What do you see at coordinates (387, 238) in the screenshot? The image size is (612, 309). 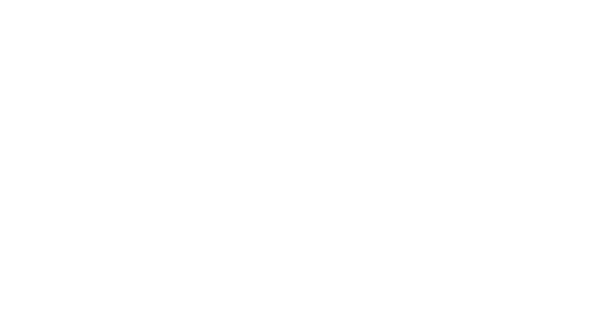 I see `'July 2014'` at bounding box center [387, 238].